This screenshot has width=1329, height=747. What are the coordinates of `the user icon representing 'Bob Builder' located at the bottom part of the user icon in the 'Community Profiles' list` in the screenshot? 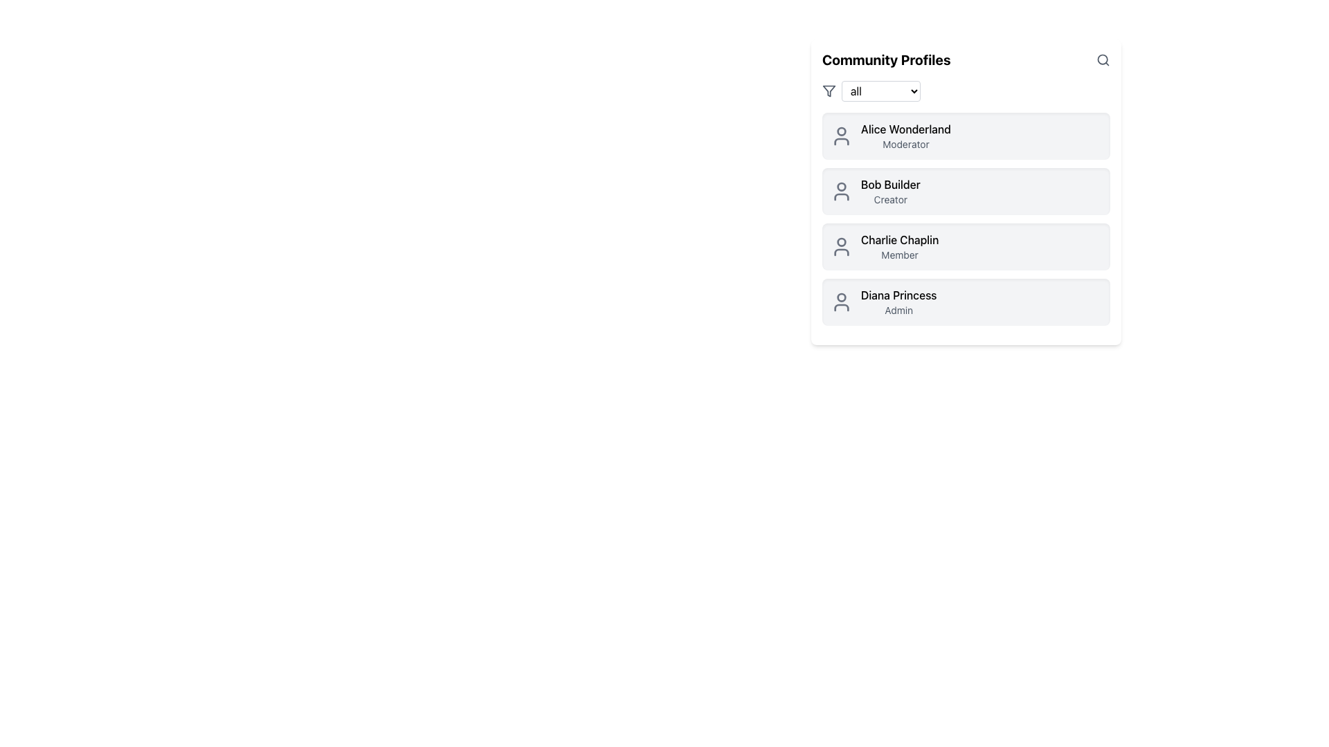 It's located at (840, 197).